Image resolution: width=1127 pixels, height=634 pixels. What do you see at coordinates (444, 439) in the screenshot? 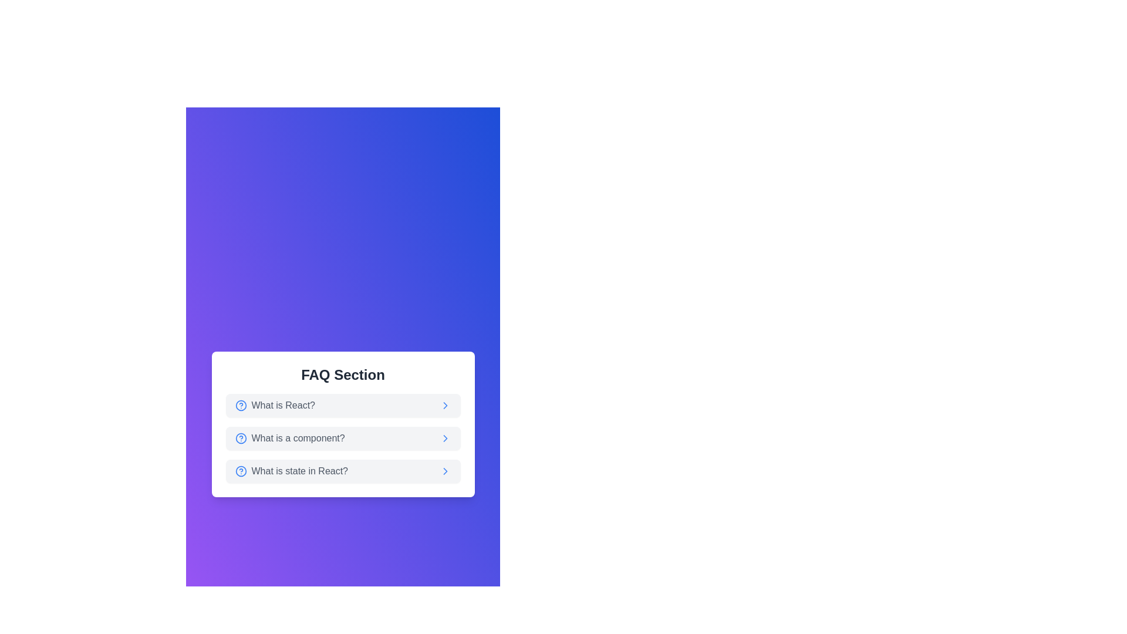
I see `the right-pointing chevron icon located in the interactive box of the second item in the FAQ list` at bounding box center [444, 439].